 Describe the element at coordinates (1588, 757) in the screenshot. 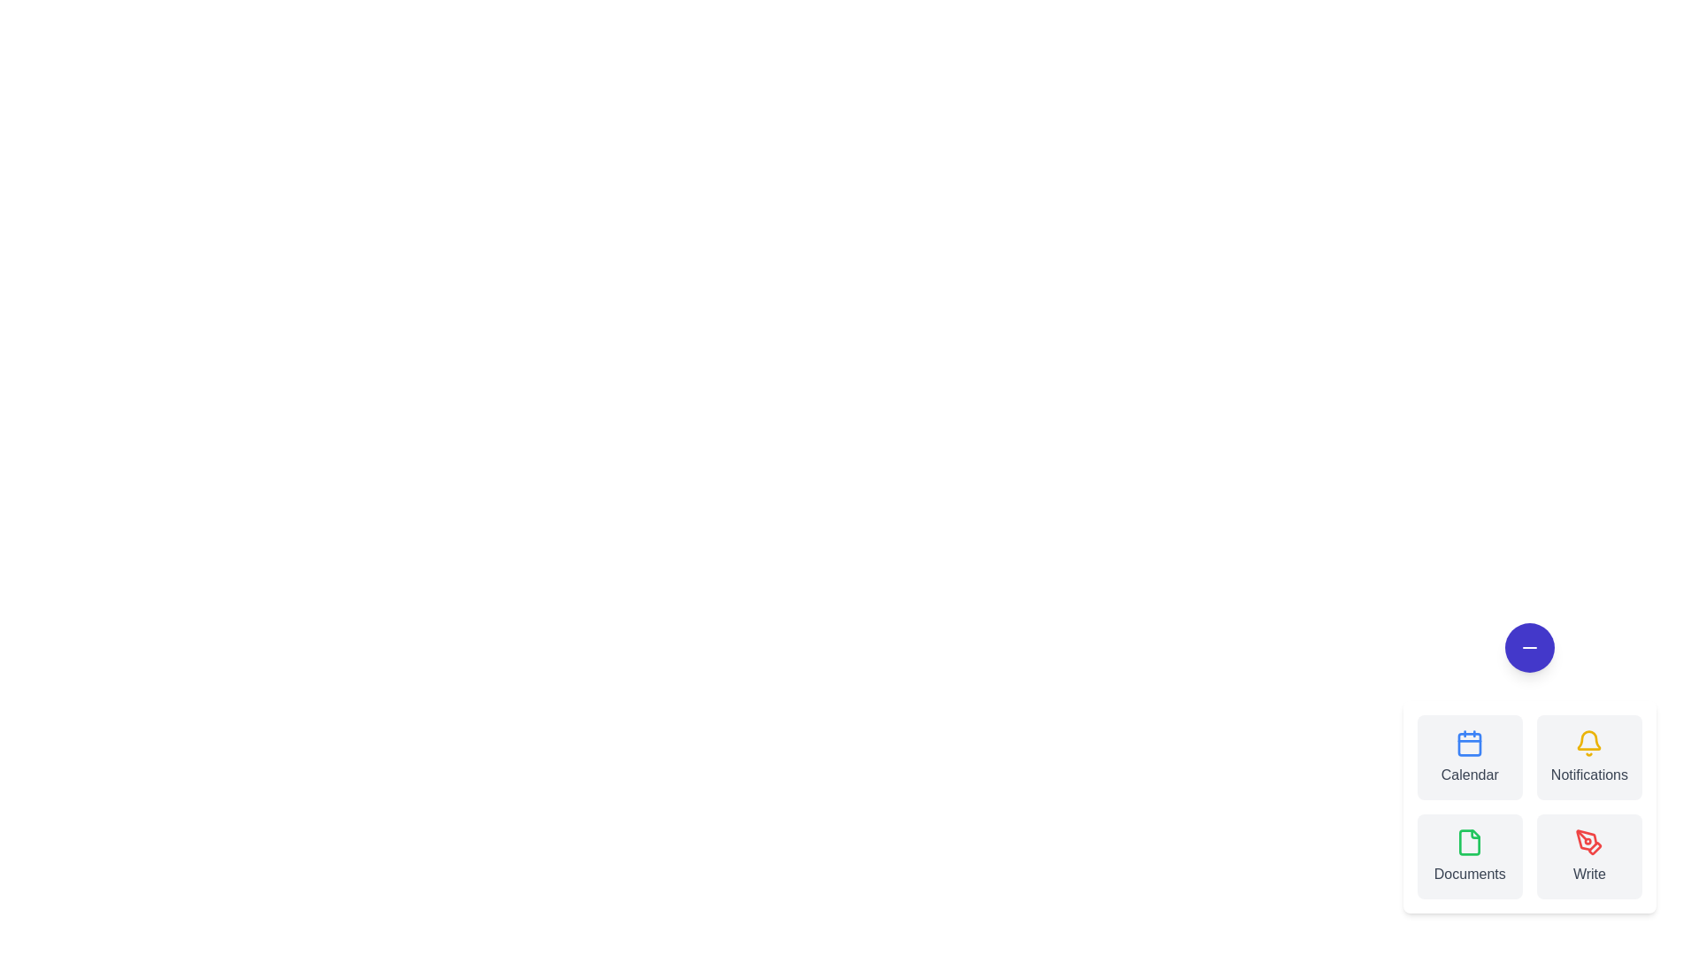

I see `the 'Notifications' button to trigger its functionality` at that location.